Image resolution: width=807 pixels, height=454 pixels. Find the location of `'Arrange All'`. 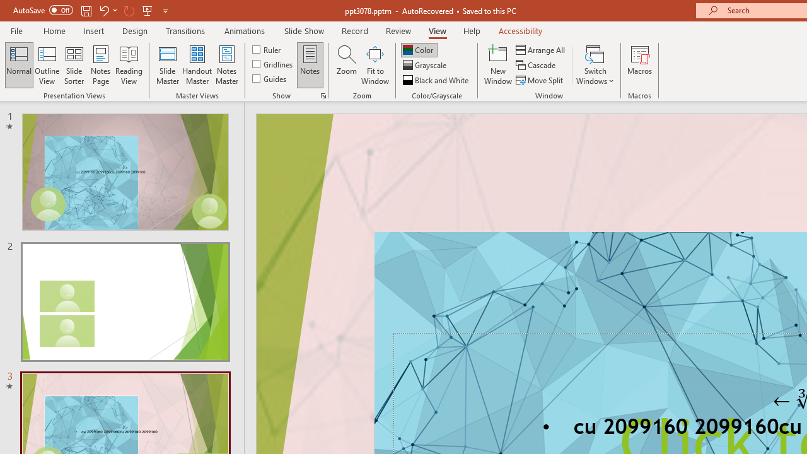

'Arrange All' is located at coordinates (541, 49).